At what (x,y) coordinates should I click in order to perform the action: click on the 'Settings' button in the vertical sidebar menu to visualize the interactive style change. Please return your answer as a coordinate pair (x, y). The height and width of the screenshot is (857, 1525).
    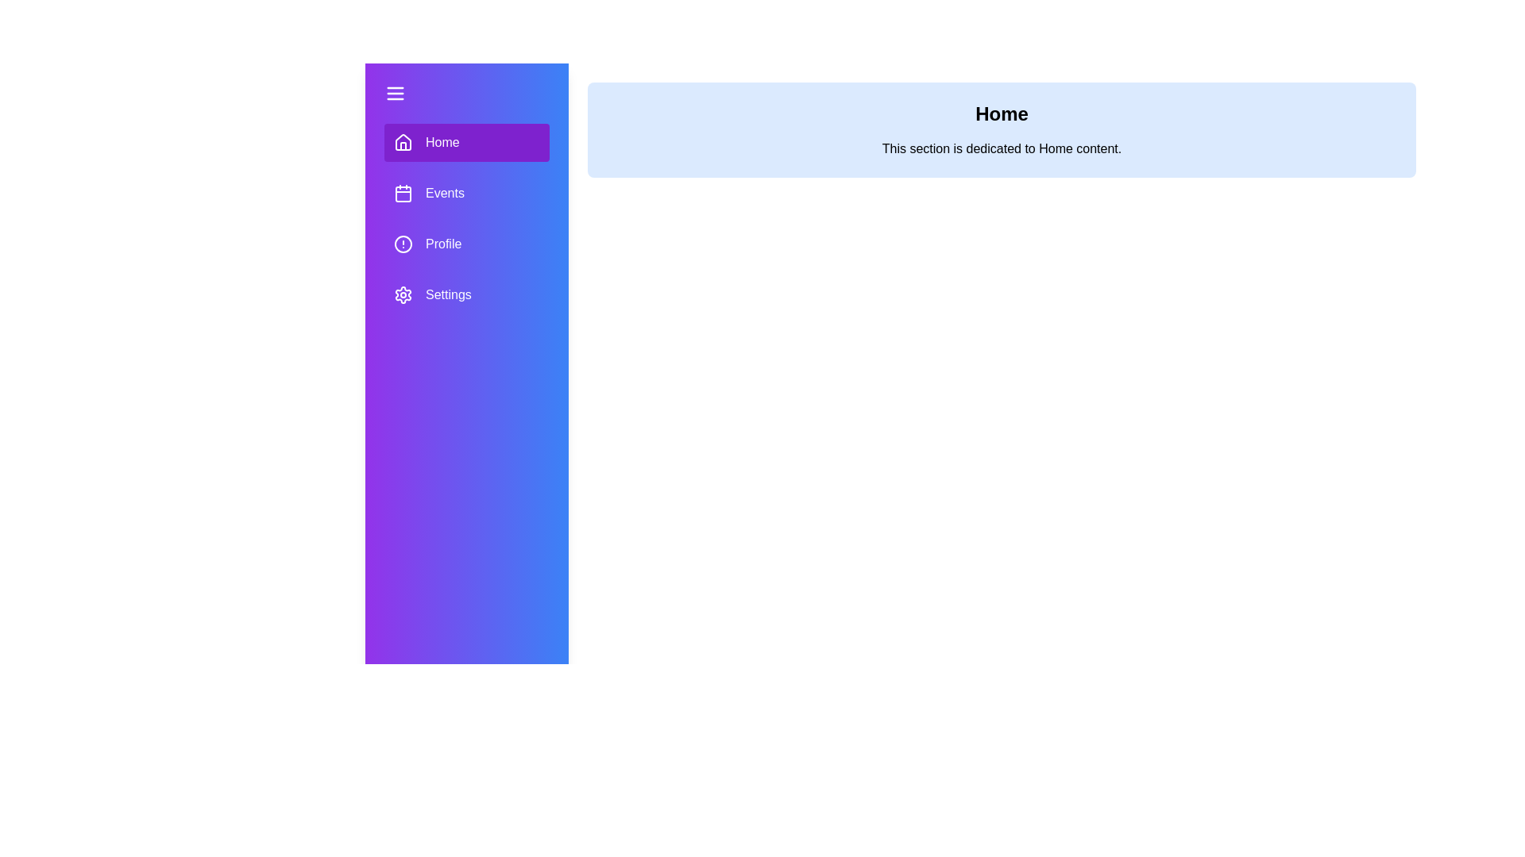
    Looking at the image, I should click on (466, 294).